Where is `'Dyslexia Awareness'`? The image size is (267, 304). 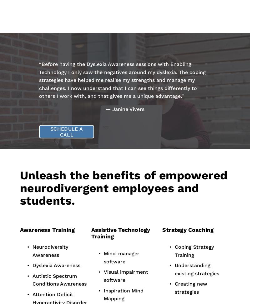
'Dyslexia Awareness' is located at coordinates (56, 265).